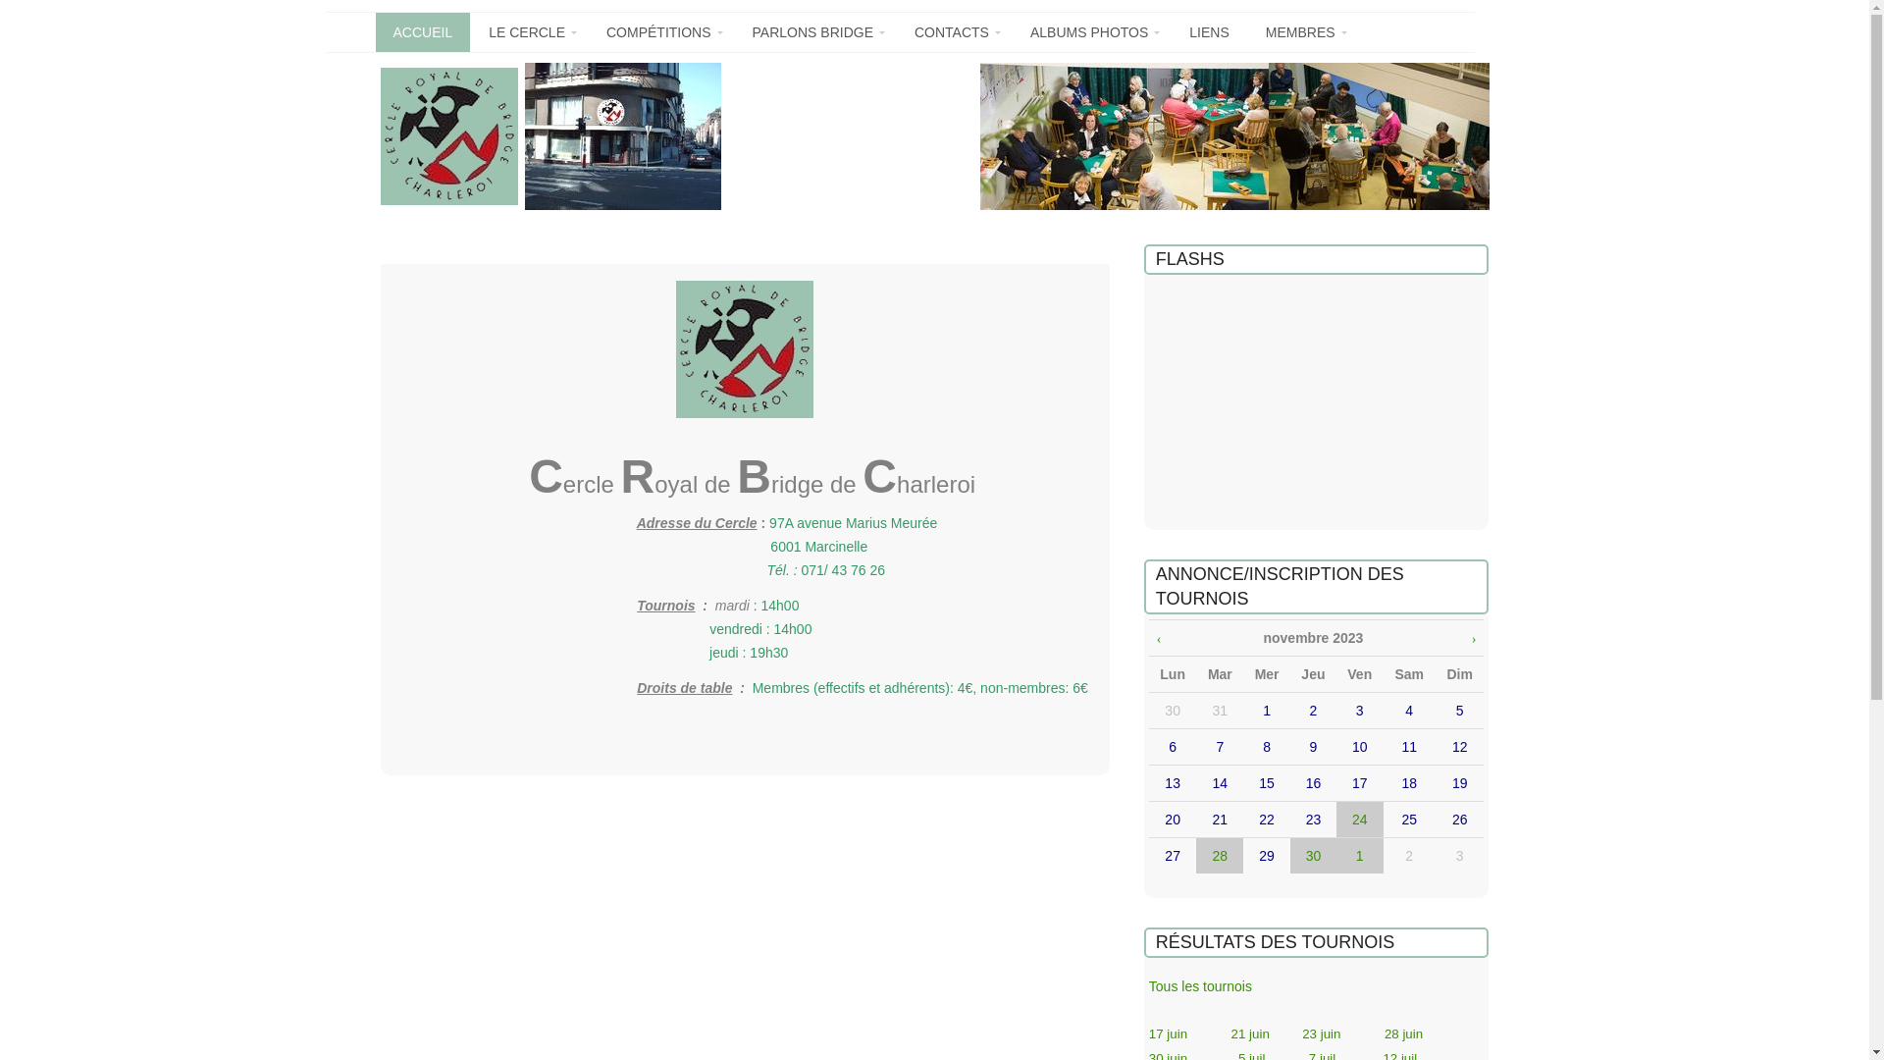  I want to click on '23 juin', so click(1321, 1033).